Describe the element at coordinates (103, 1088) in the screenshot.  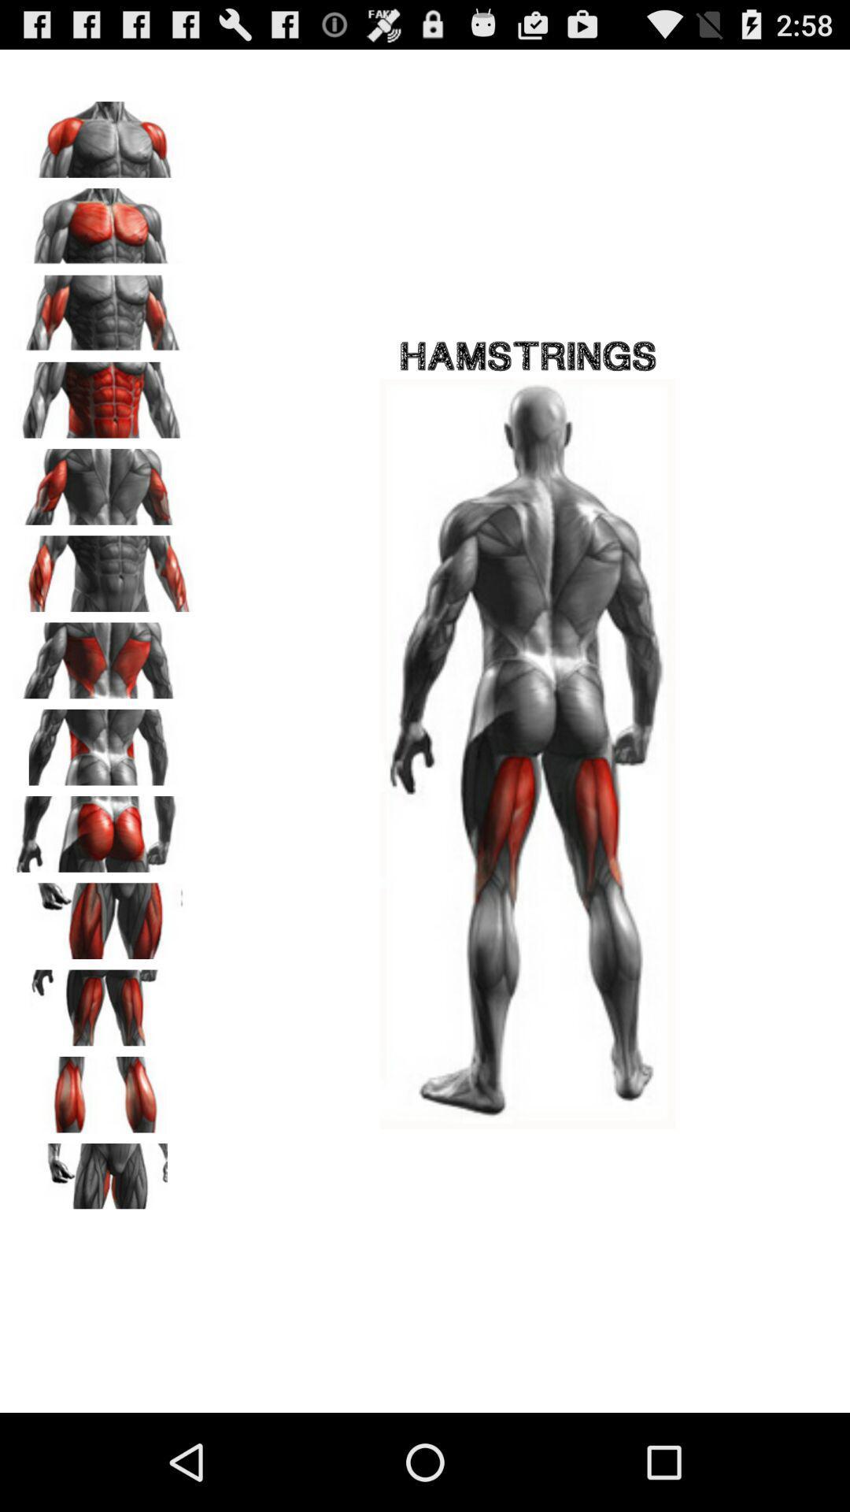
I see `zoom in on calves` at that location.